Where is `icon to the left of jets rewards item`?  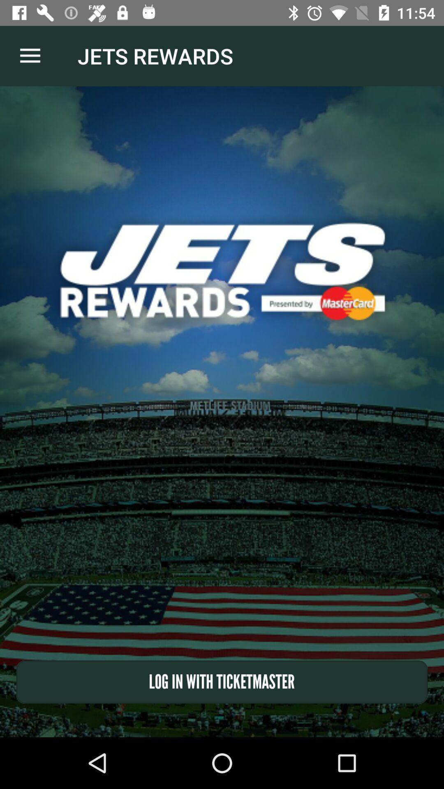
icon to the left of jets rewards item is located at coordinates (30, 55).